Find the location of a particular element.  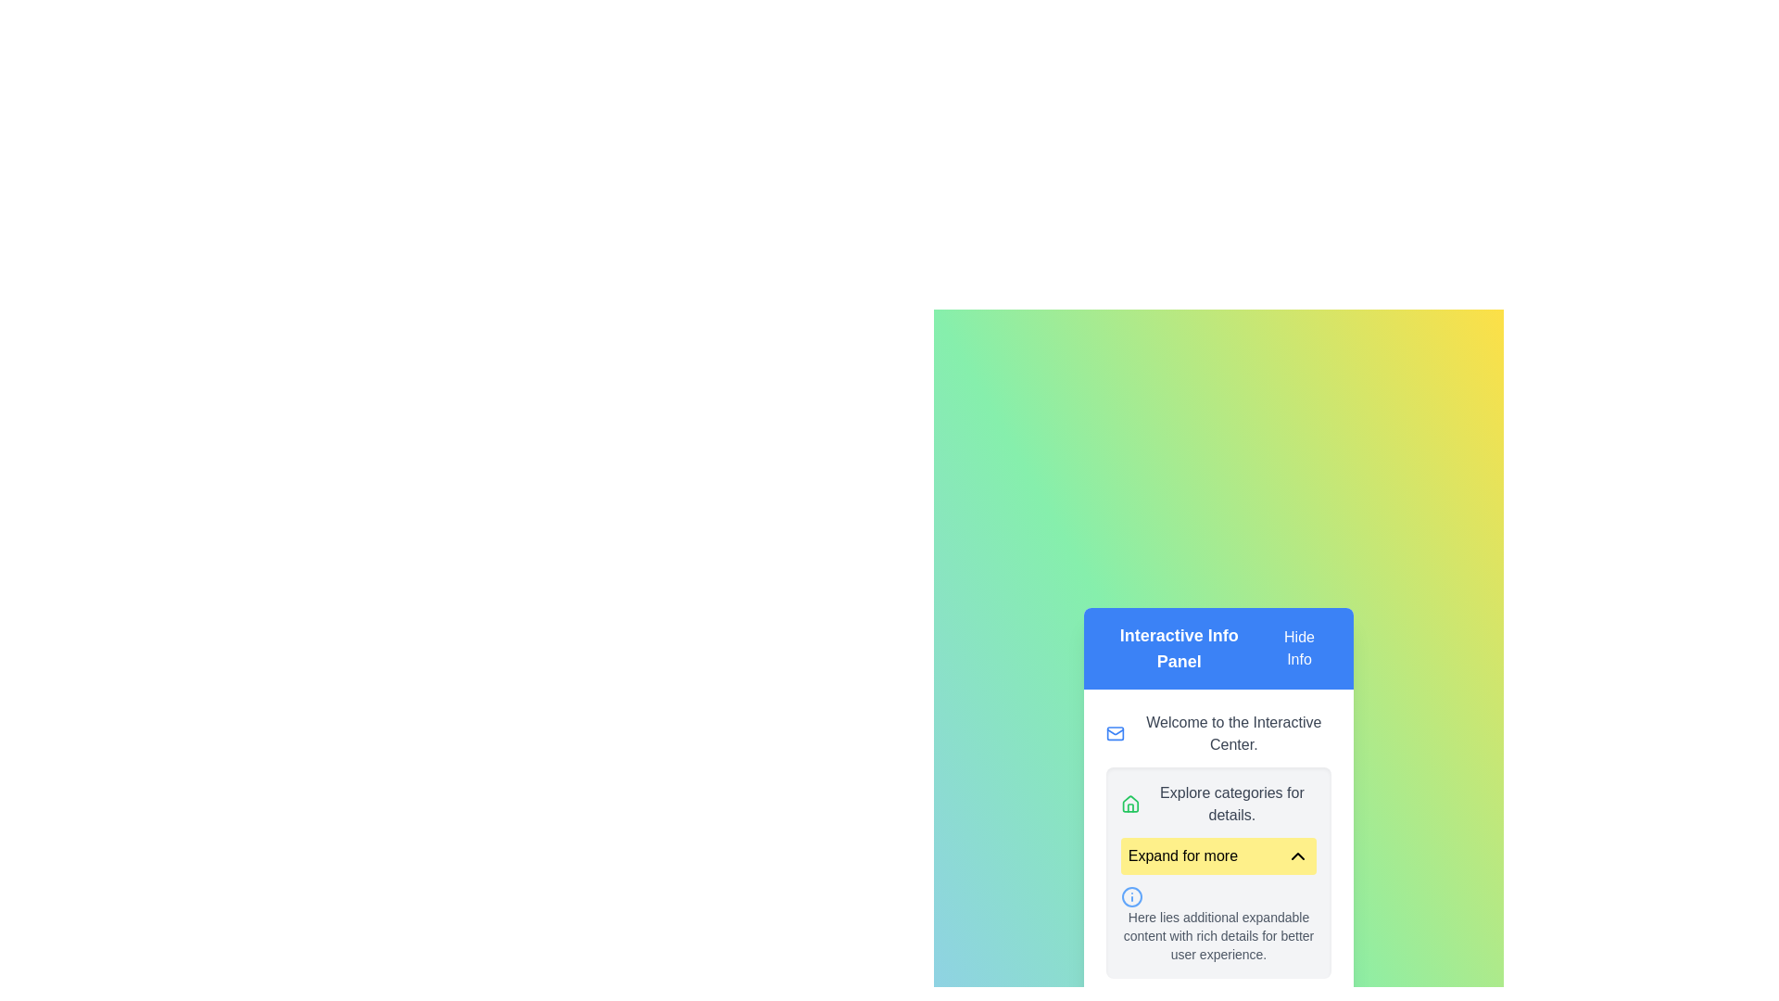

the text label 'Welcome to the Interactive Center.' which is styled in gray and located prominently within the 'Interactive Info Panel' is located at coordinates (1233, 732).